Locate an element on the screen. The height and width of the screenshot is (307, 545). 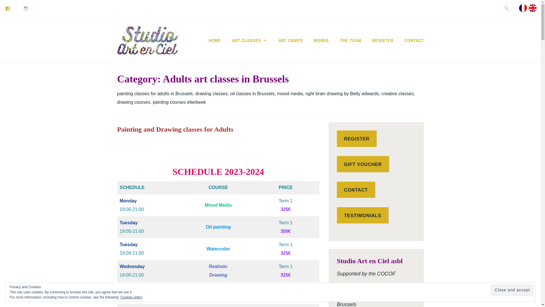
'HOME' is located at coordinates (214, 40).